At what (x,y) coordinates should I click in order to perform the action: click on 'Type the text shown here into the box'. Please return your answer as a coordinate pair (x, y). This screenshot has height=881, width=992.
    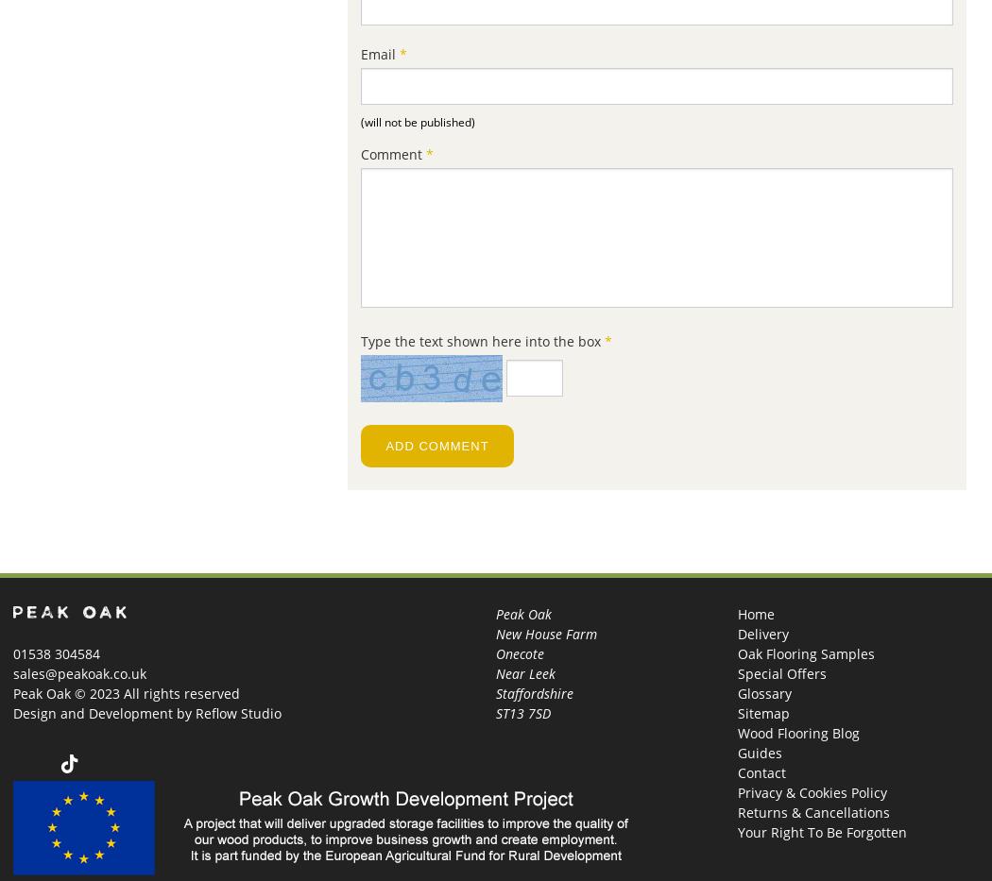
    Looking at the image, I should click on (482, 340).